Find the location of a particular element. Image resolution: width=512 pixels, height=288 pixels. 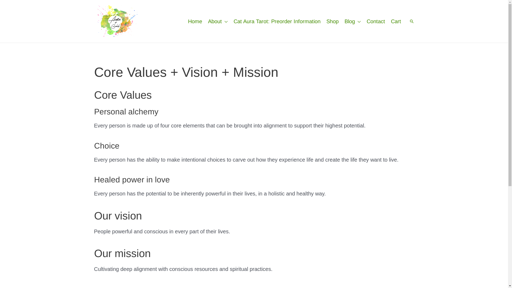

'Search' is located at coordinates (411, 21).